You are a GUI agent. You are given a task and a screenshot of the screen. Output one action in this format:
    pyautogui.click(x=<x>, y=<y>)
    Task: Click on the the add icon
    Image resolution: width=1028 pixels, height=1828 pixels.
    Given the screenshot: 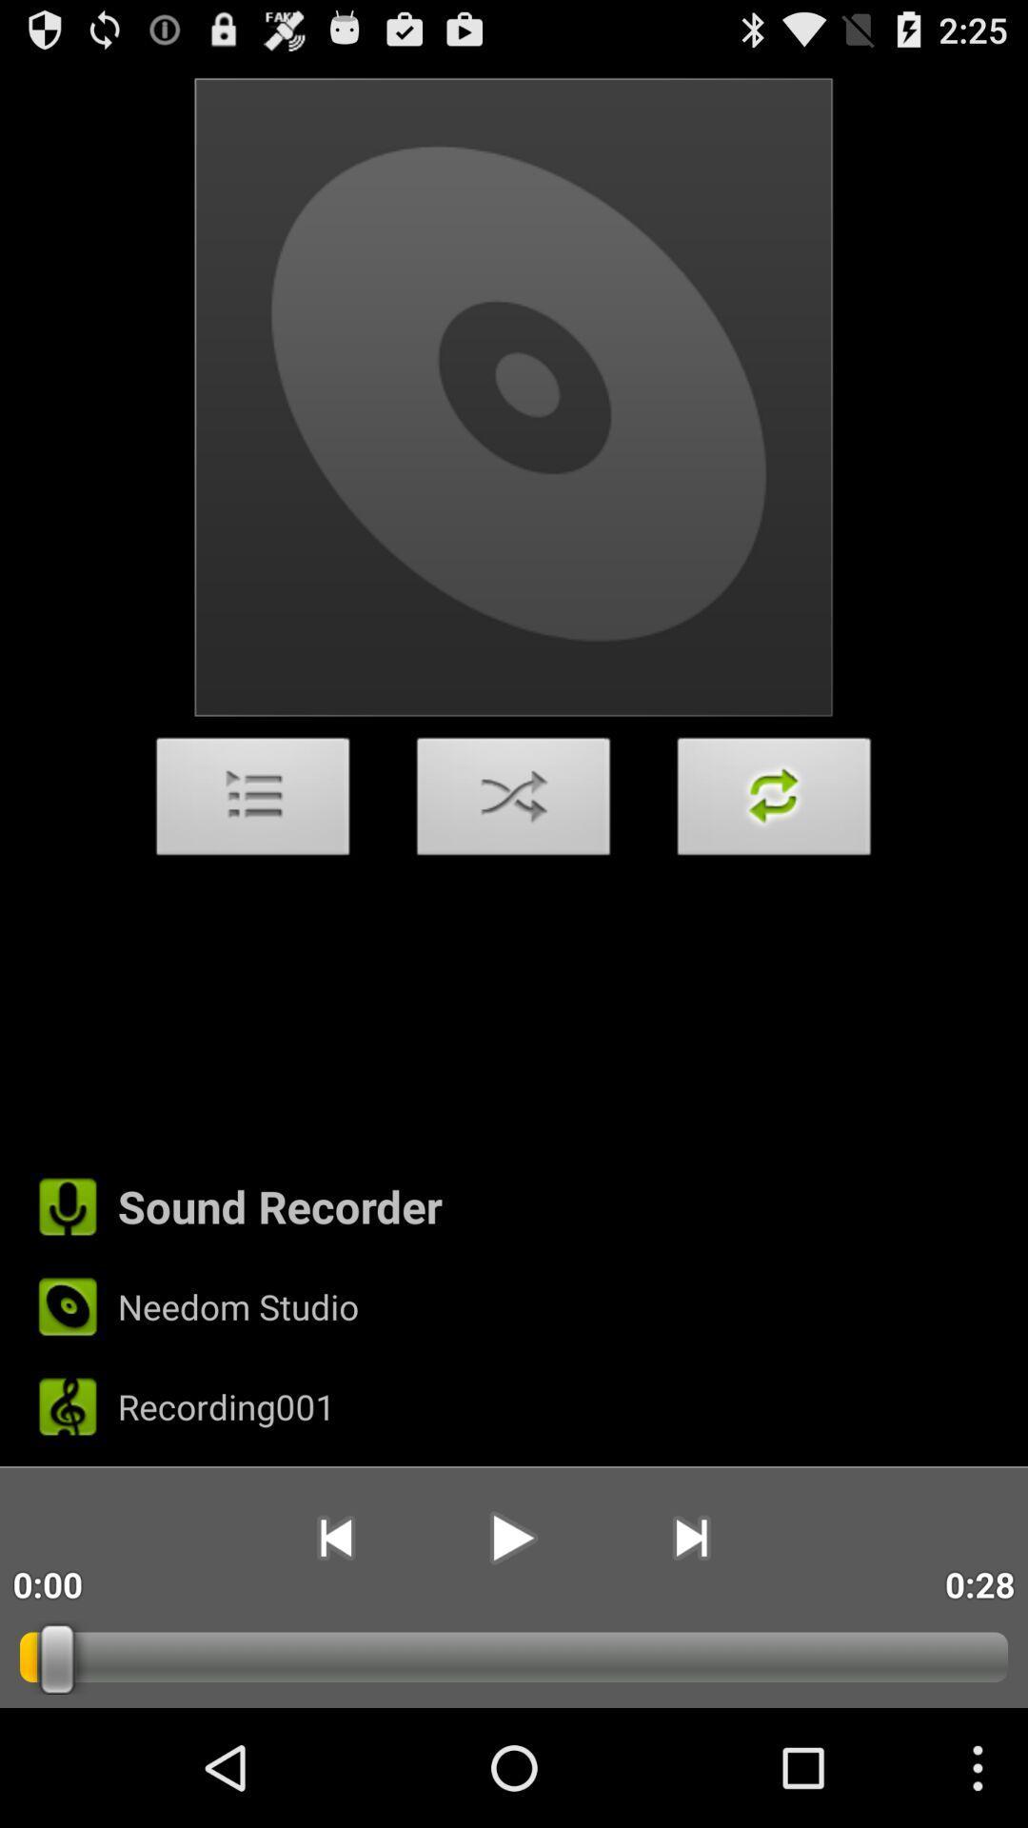 What is the action you would take?
    pyautogui.click(x=774, y=857)
    